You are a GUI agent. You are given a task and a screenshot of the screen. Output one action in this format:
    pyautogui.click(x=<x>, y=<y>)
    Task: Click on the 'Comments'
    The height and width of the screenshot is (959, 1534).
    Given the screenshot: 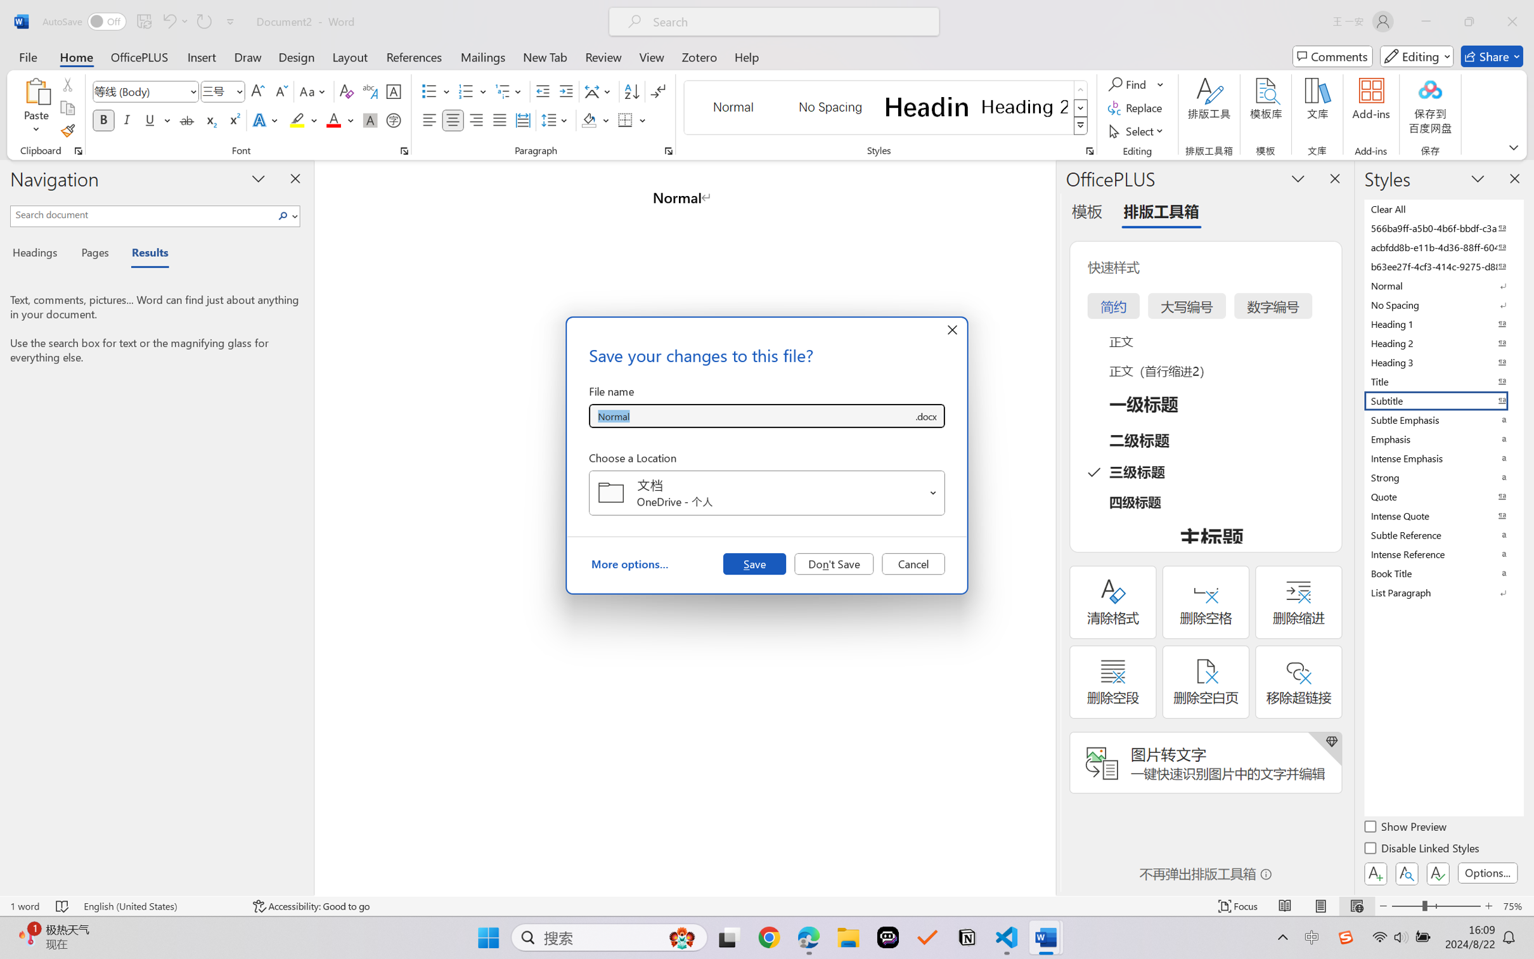 What is the action you would take?
    pyautogui.click(x=1332, y=56)
    